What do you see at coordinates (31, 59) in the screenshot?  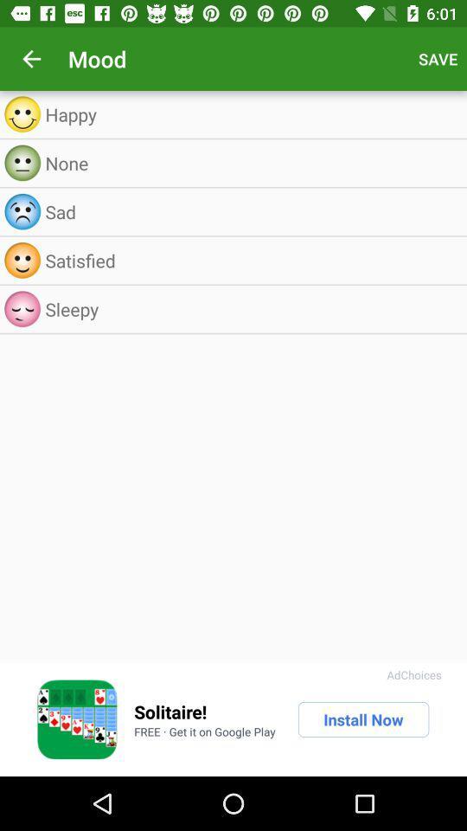 I see `the icon above the  happy item` at bounding box center [31, 59].